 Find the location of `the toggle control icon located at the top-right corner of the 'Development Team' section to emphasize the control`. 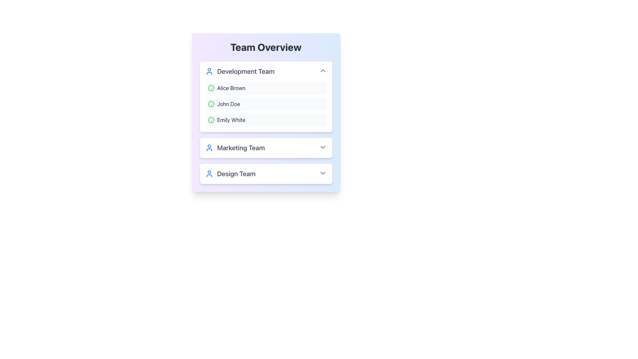

the toggle control icon located at the top-right corner of the 'Development Team' section to emphasize the control is located at coordinates (323, 70).